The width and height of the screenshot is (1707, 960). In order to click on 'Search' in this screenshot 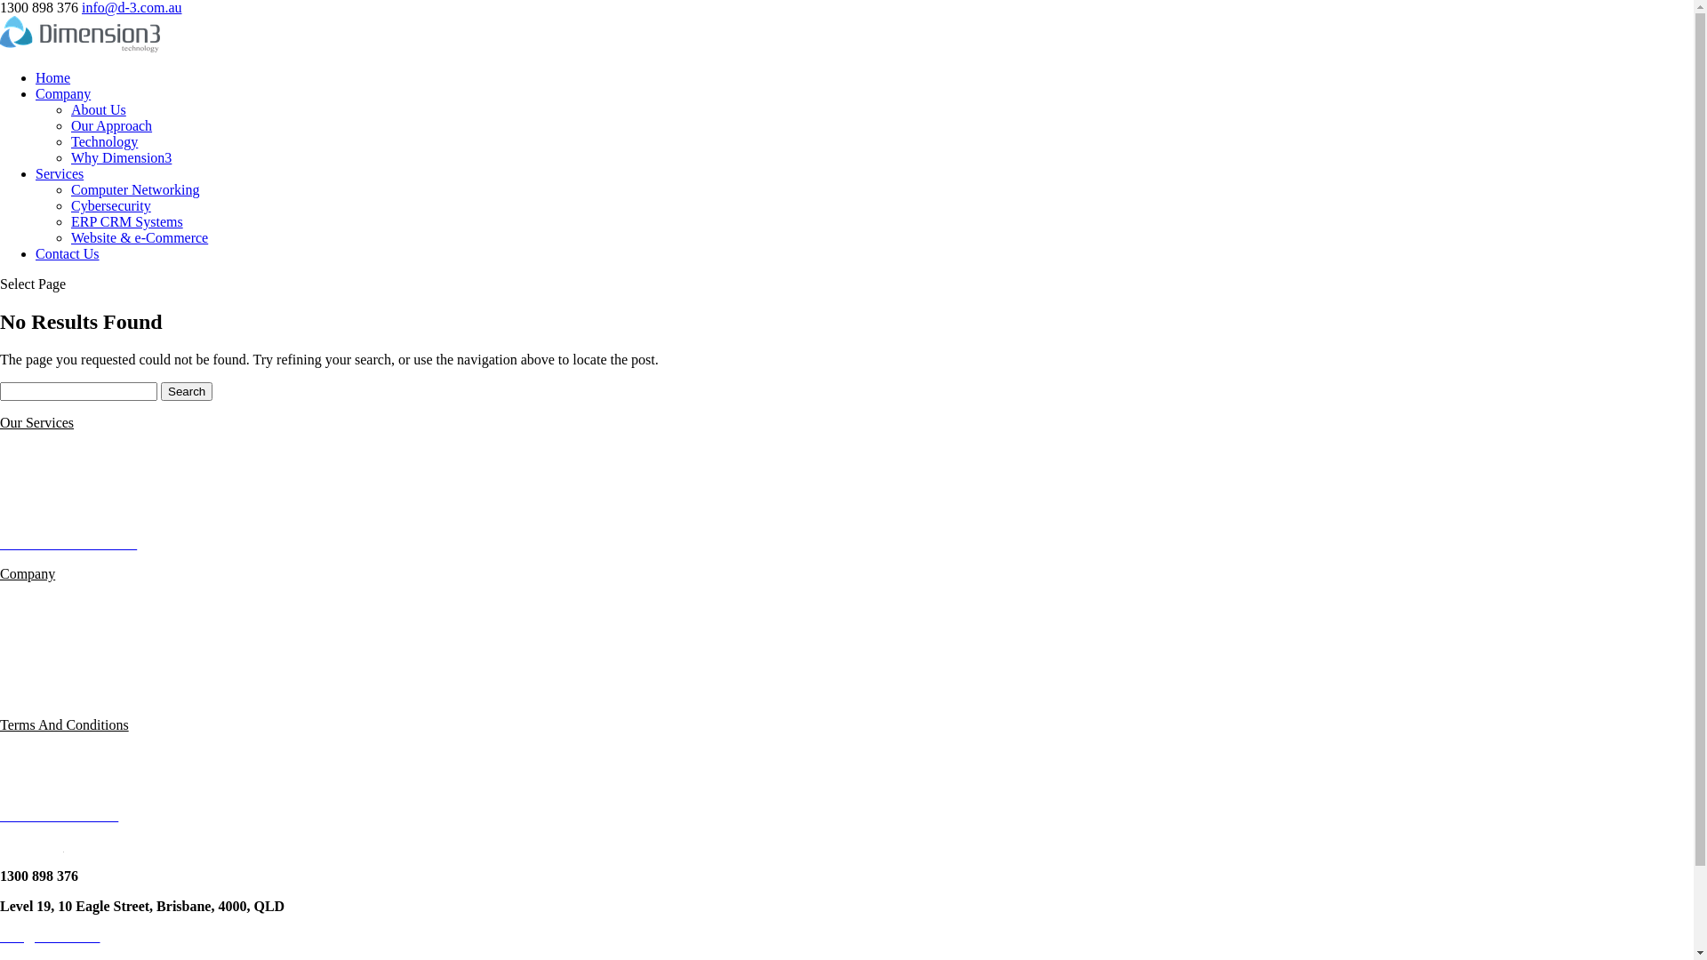, I will do `click(187, 390)`.